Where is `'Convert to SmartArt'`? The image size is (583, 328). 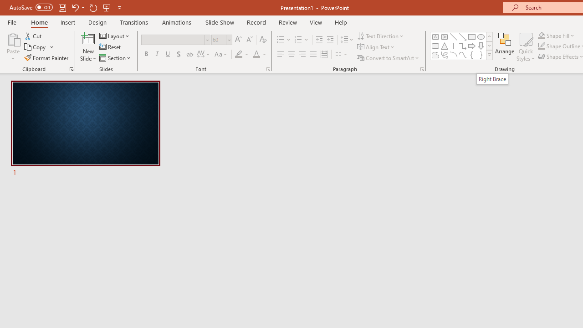
'Convert to SmartArt' is located at coordinates (389, 58).